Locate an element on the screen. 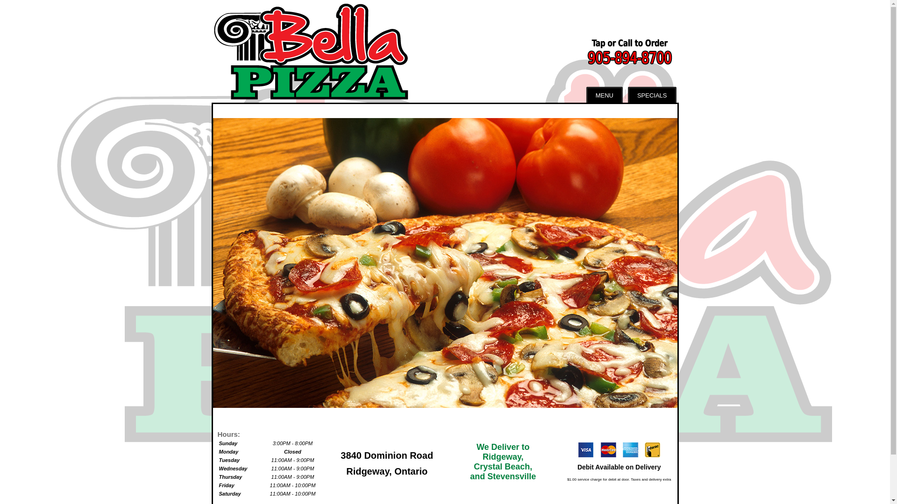 The height and width of the screenshot is (504, 897). 'SPECIALS' is located at coordinates (628, 95).